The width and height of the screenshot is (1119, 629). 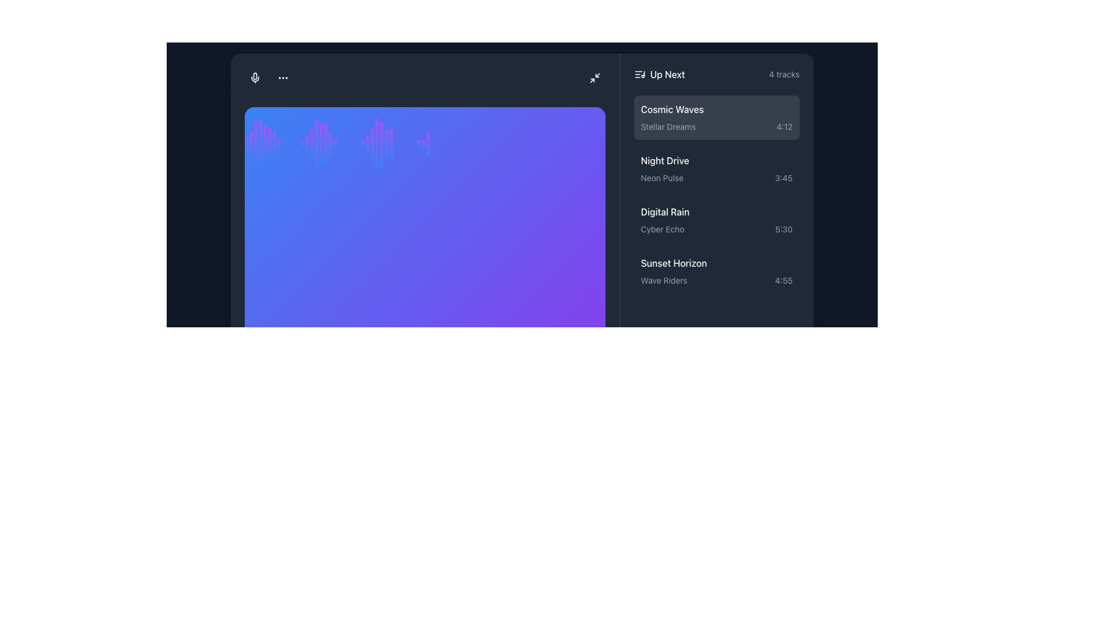 What do you see at coordinates (665, 160) in the screenshot?
I see `on the text label titled 'Night Drive'` at bounding box center [665, 160].